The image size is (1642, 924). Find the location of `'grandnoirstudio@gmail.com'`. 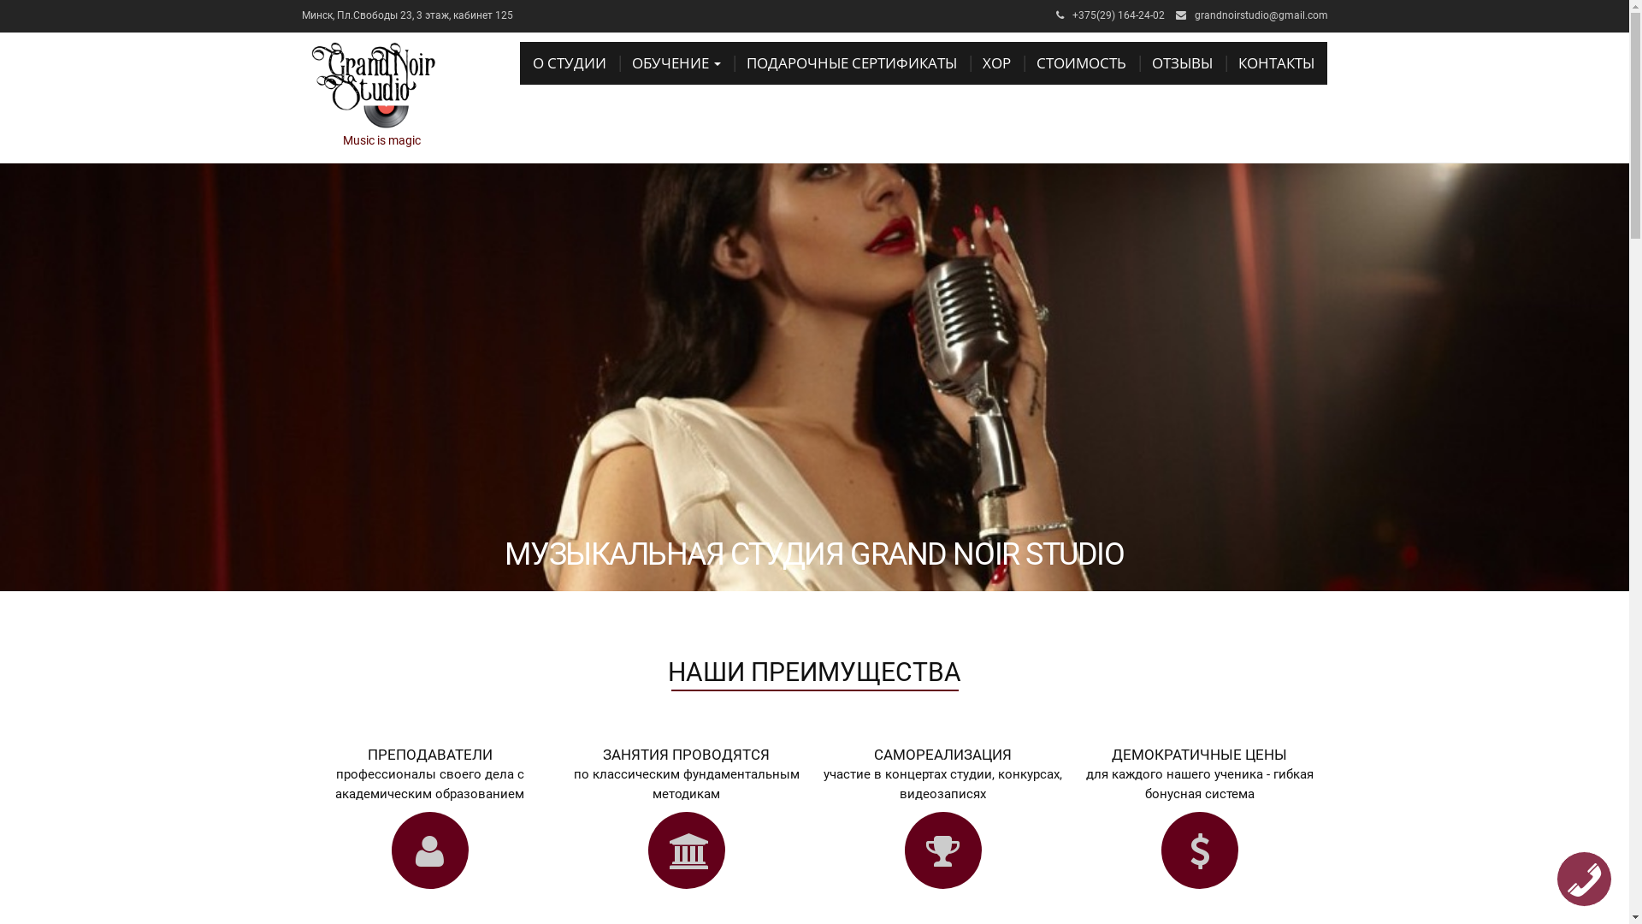

'grandnoirstudio@gmail.com' is located at coordinates (1260, 15).